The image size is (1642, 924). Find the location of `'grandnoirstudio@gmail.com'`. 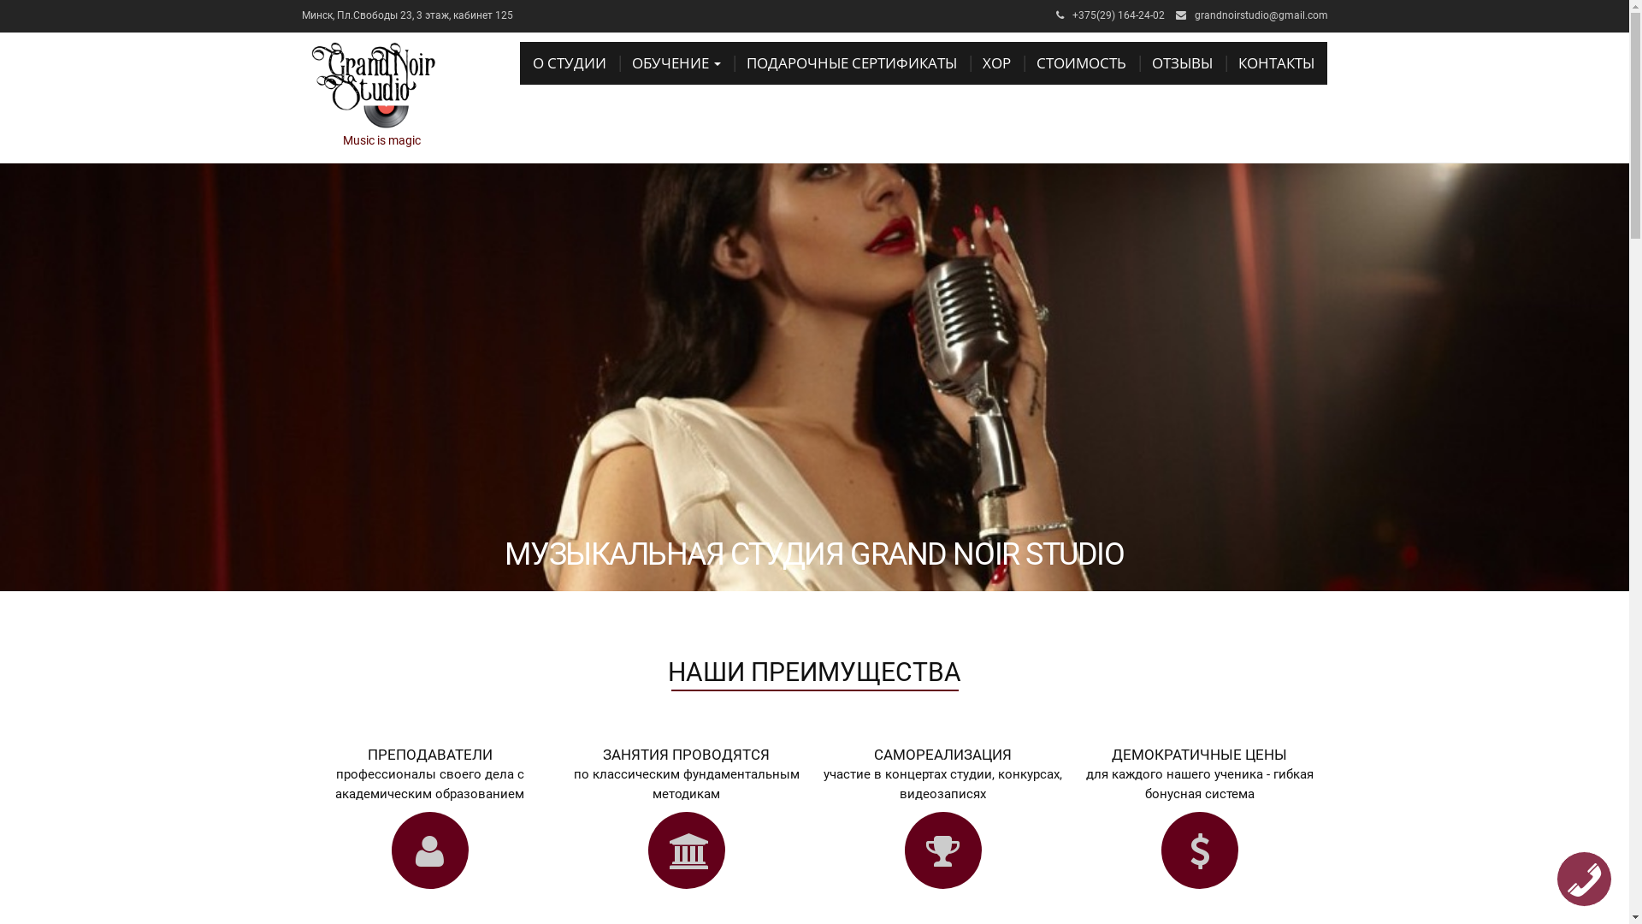

'grandnoirstudio@gmail.com' is located at coordinates (1260, 15).